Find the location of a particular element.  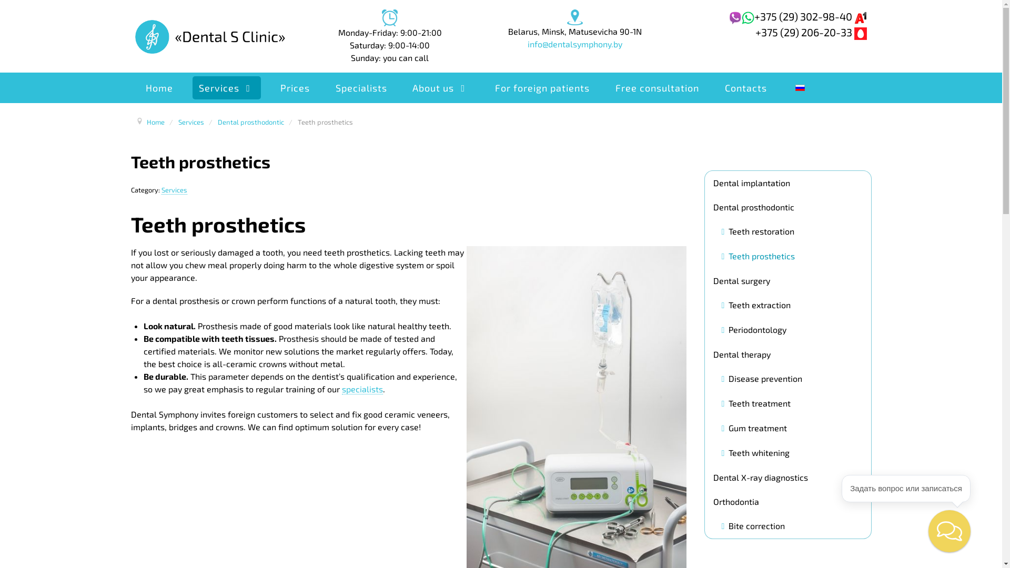

'Specialists' is located at coordinates (361, 87).